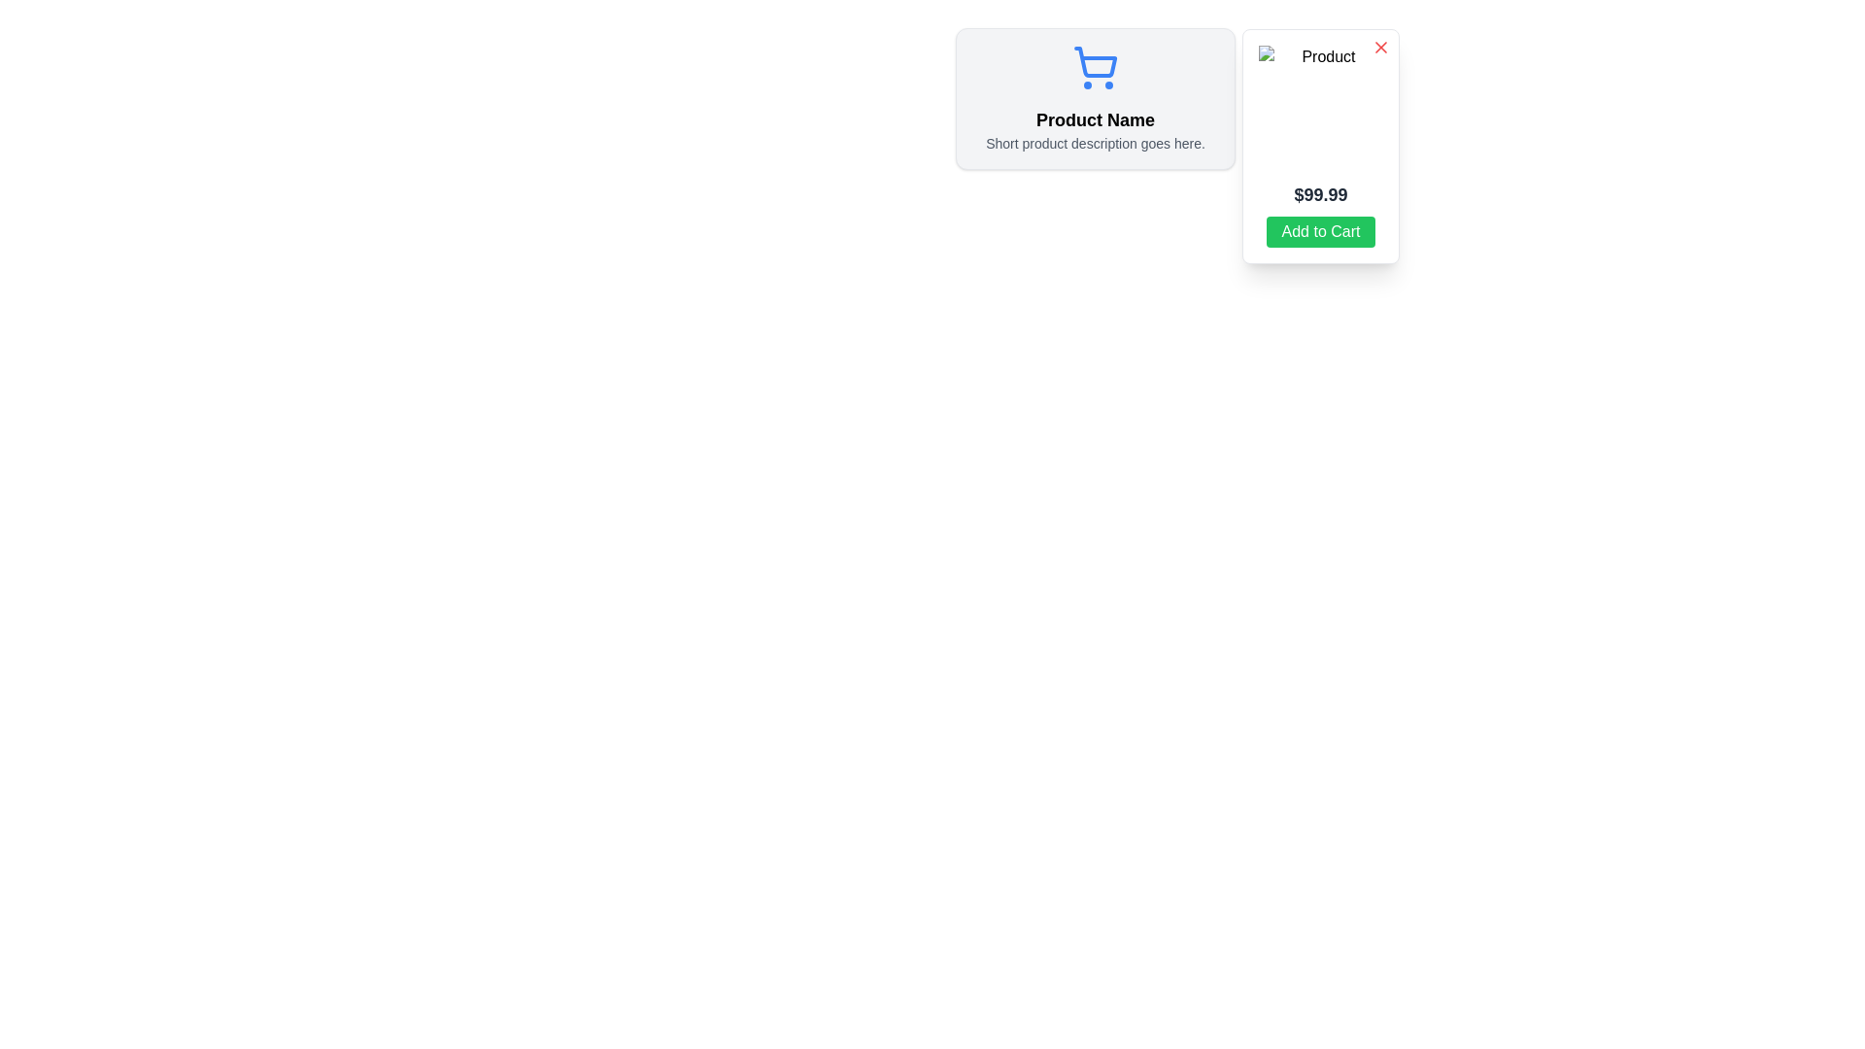 The image size is (1865, 1049). What do you see at coordinates (1320, 145) in the screenshot?
I see `the rectangular overlay panel labeled 'Product'` at bounding box center [1320, 145].